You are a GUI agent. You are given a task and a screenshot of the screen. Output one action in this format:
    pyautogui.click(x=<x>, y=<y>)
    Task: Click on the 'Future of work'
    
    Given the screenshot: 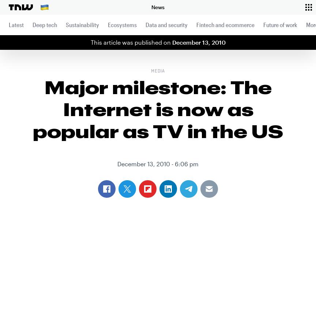 What is the action you would take?
    pyautogui.click(x=280, y=24)
    